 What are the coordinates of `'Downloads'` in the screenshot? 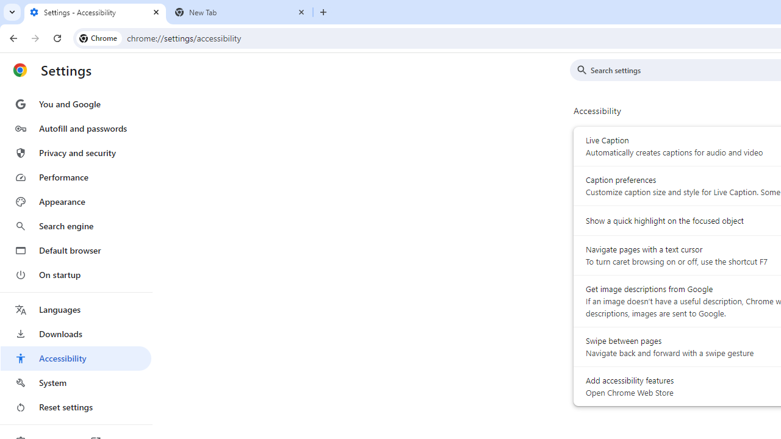 It's located at (75, 334).